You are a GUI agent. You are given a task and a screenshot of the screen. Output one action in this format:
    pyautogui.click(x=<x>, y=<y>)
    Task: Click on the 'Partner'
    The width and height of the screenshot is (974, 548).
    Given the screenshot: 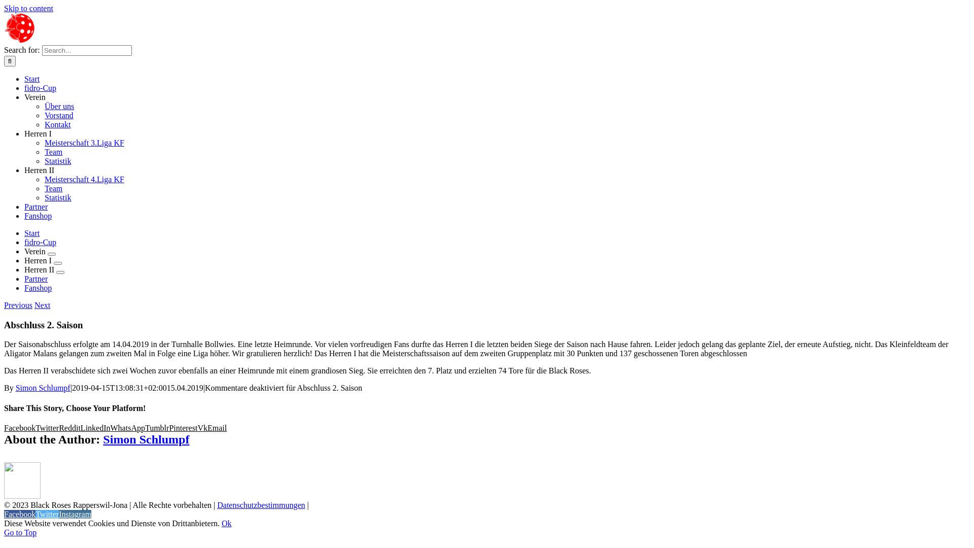 What is the action you would take?
    pyautogui.click(x=36, y=279)
    